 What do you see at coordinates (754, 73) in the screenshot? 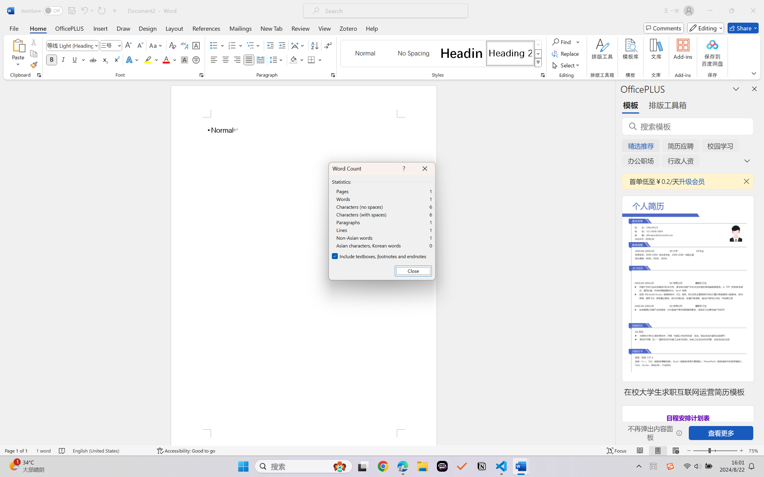
I see `'Ribbon Display Options'` at bounding box center [754, 73].